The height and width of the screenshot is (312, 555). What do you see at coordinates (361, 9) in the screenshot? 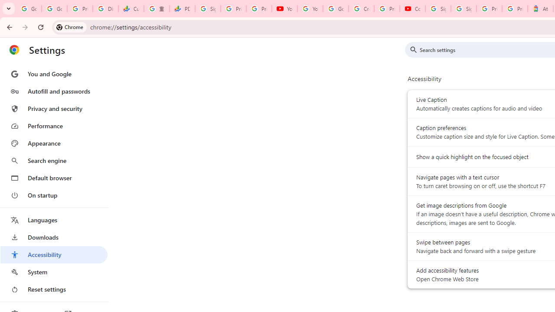
I see `'Create your Google Account'` at bounding box center [361, 9].